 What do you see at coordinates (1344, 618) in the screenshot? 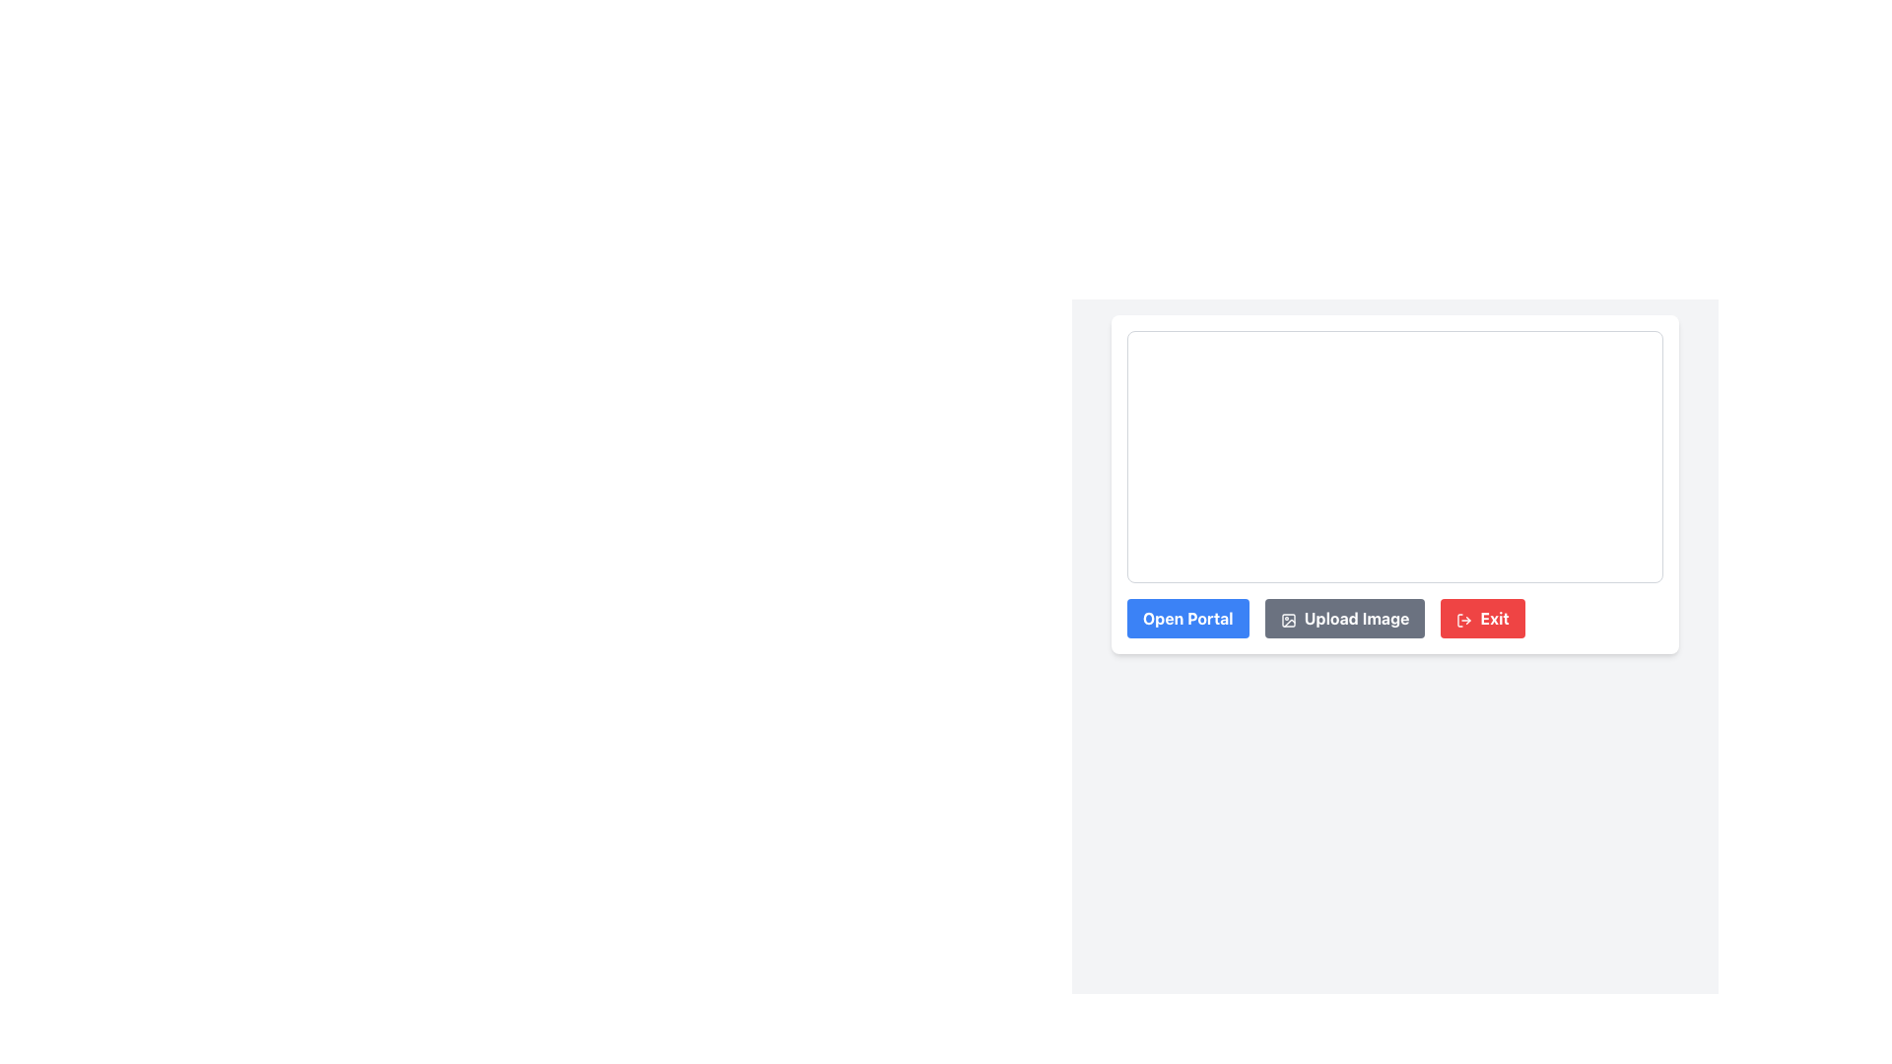
I see `the 'Upload Image' button, which is a rectangular button with a gray background and white bold text, located between the 'Open Portal' and 'Exit' buttons` at bounding box center [1344, 618].